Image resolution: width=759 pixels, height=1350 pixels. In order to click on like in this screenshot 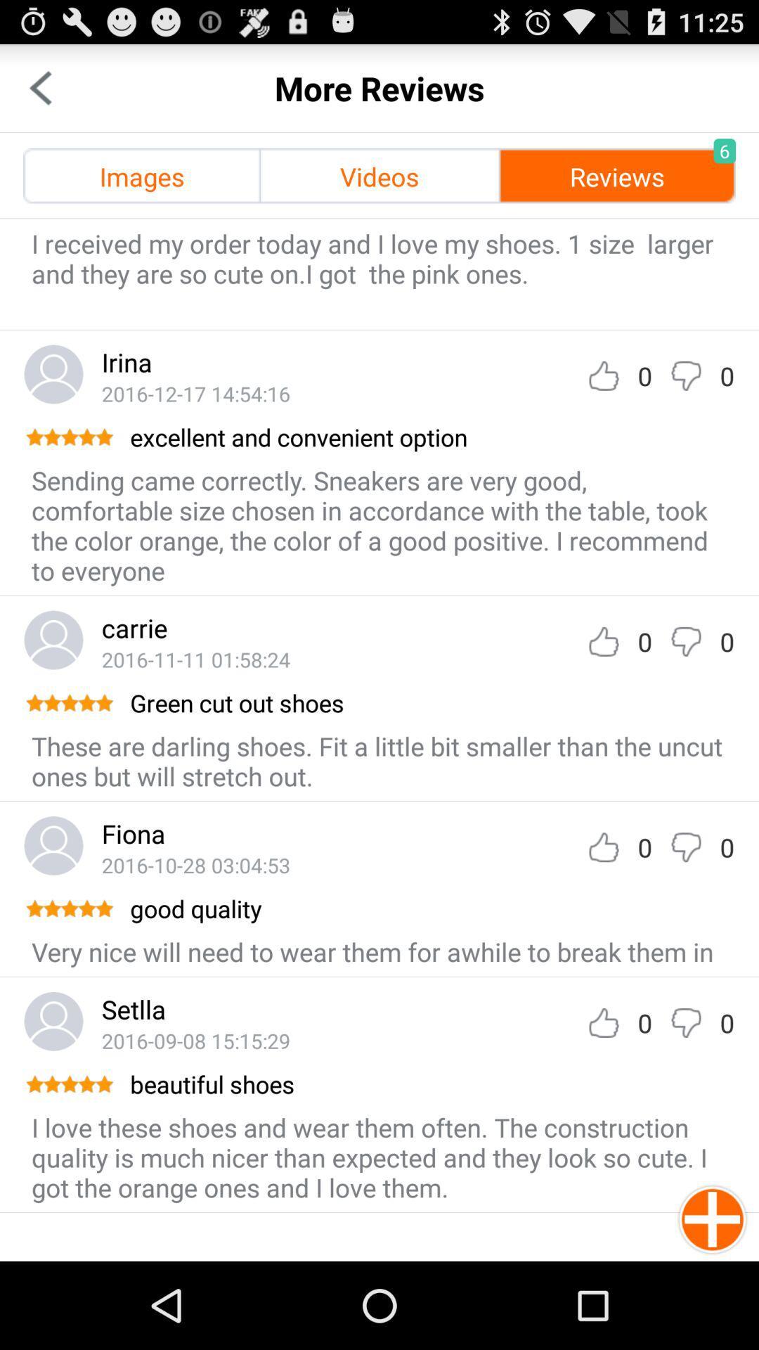, I will do `click(603, 847)`.